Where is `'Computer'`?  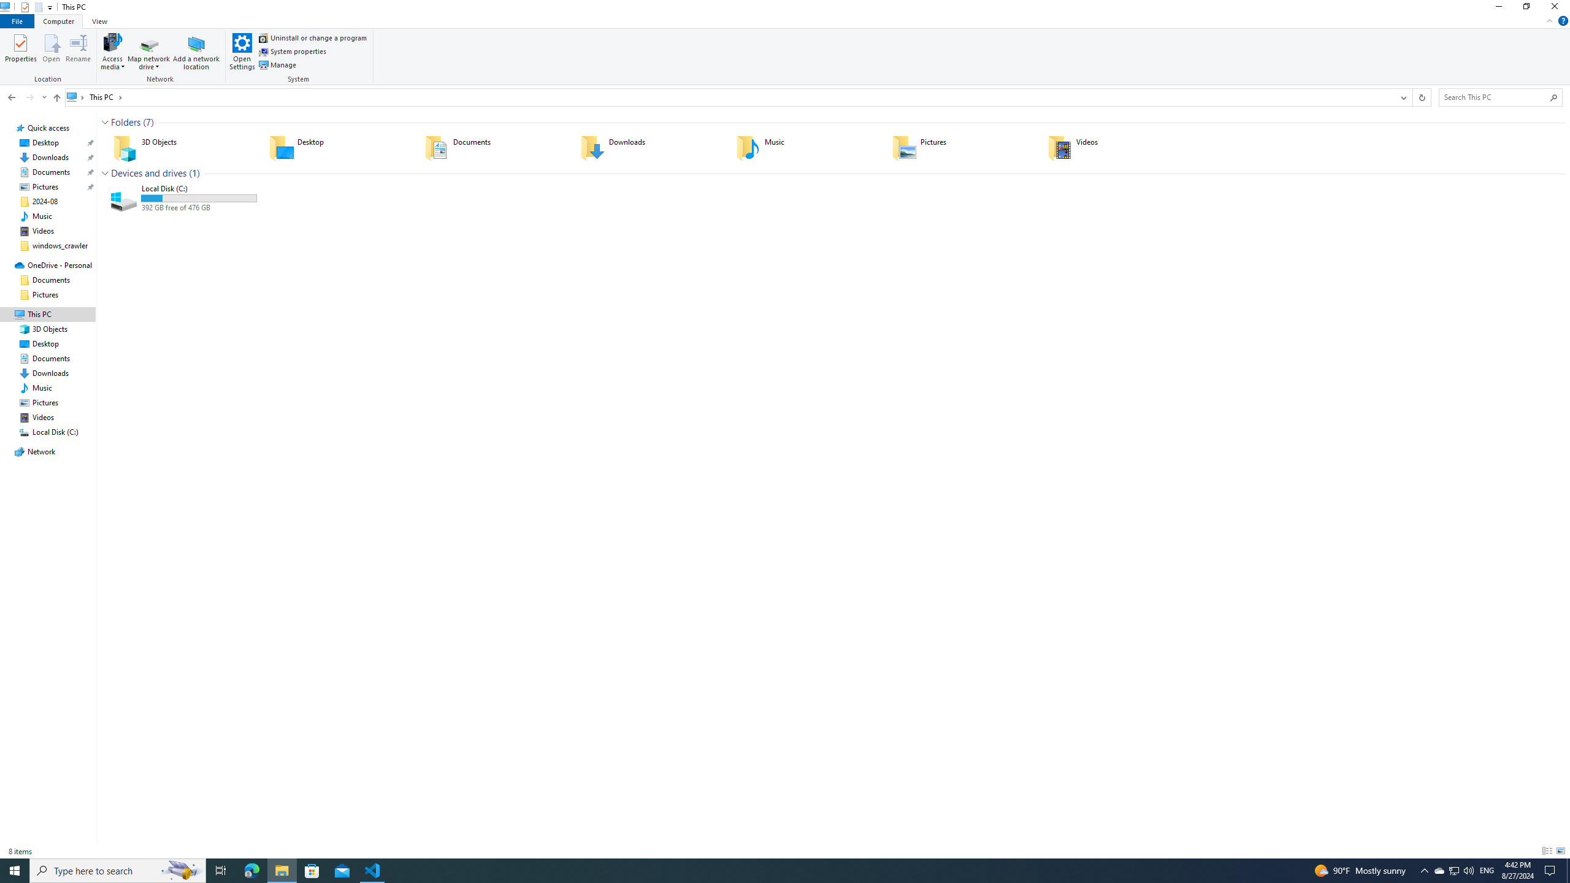 'Computer' is located at coordinates (58, 21).